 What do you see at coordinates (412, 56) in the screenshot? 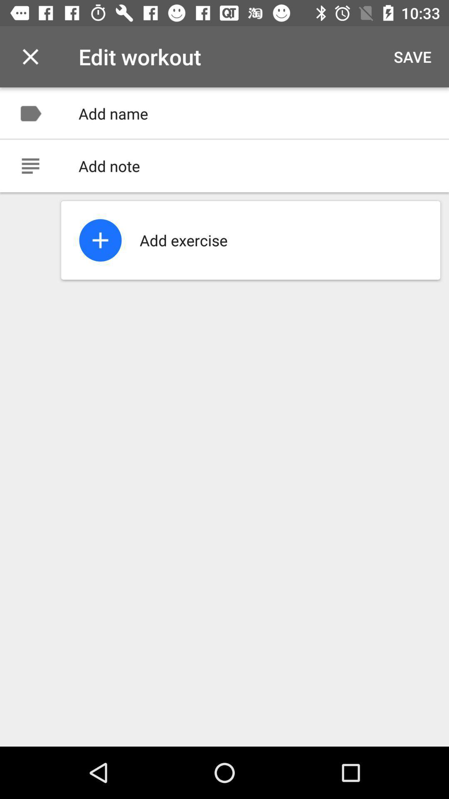
I see `the item to the right of edit workout item` at bounding box center [412, 56].